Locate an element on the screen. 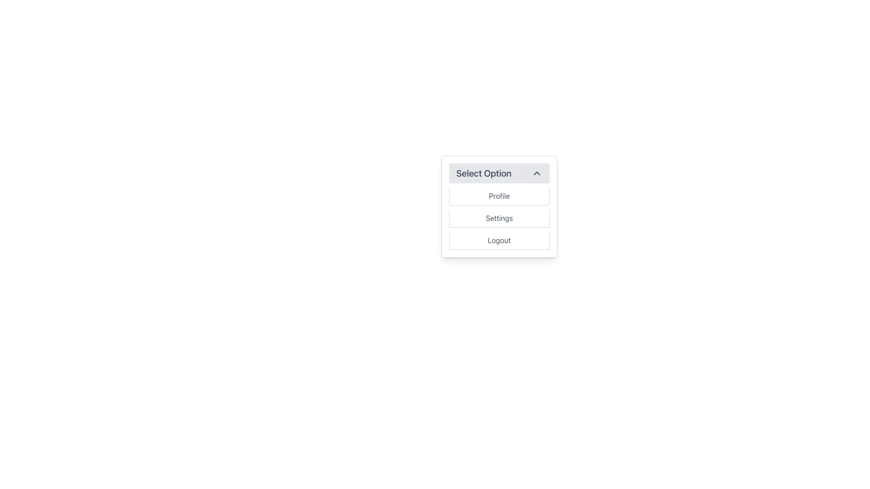  the 'Profile' button, which is the first button in the drop-down menu is located at coordinates (499, 196).